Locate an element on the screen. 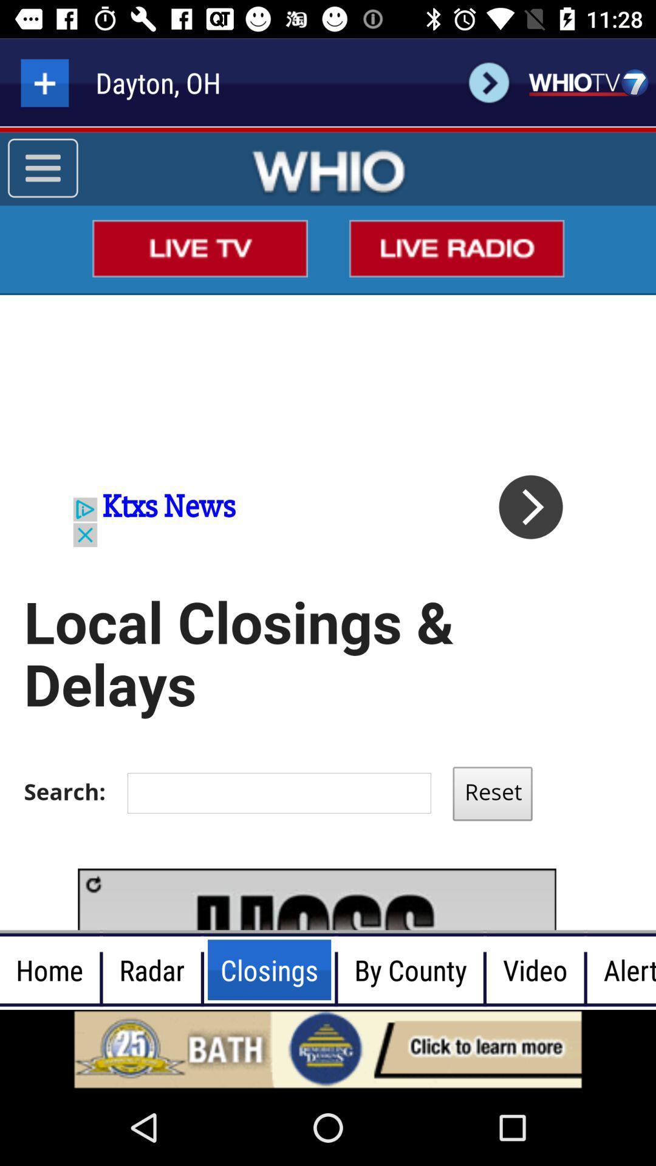  the arrow_forward icon is located at coordinates (488, 82).